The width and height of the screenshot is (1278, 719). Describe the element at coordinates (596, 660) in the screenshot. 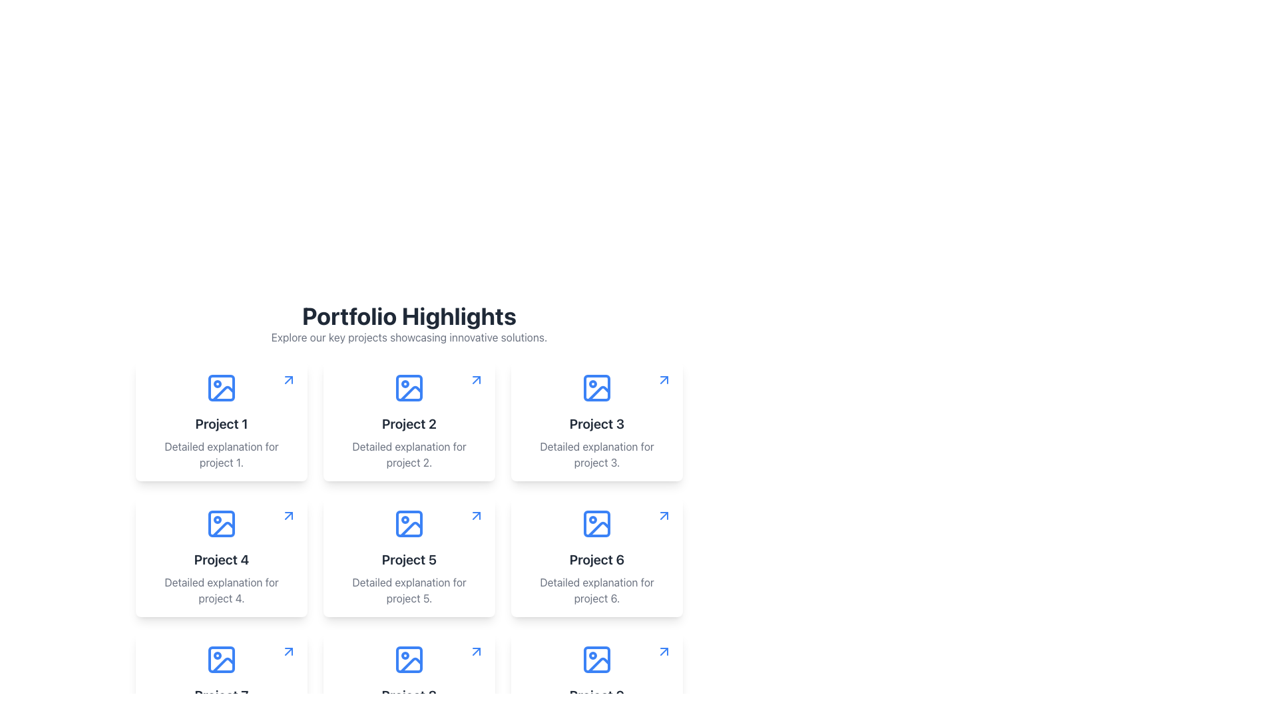

I see `the blue graphic icon resembling an image placeholder located in the bottom-right corner of the 'Project 9' card` at that location.